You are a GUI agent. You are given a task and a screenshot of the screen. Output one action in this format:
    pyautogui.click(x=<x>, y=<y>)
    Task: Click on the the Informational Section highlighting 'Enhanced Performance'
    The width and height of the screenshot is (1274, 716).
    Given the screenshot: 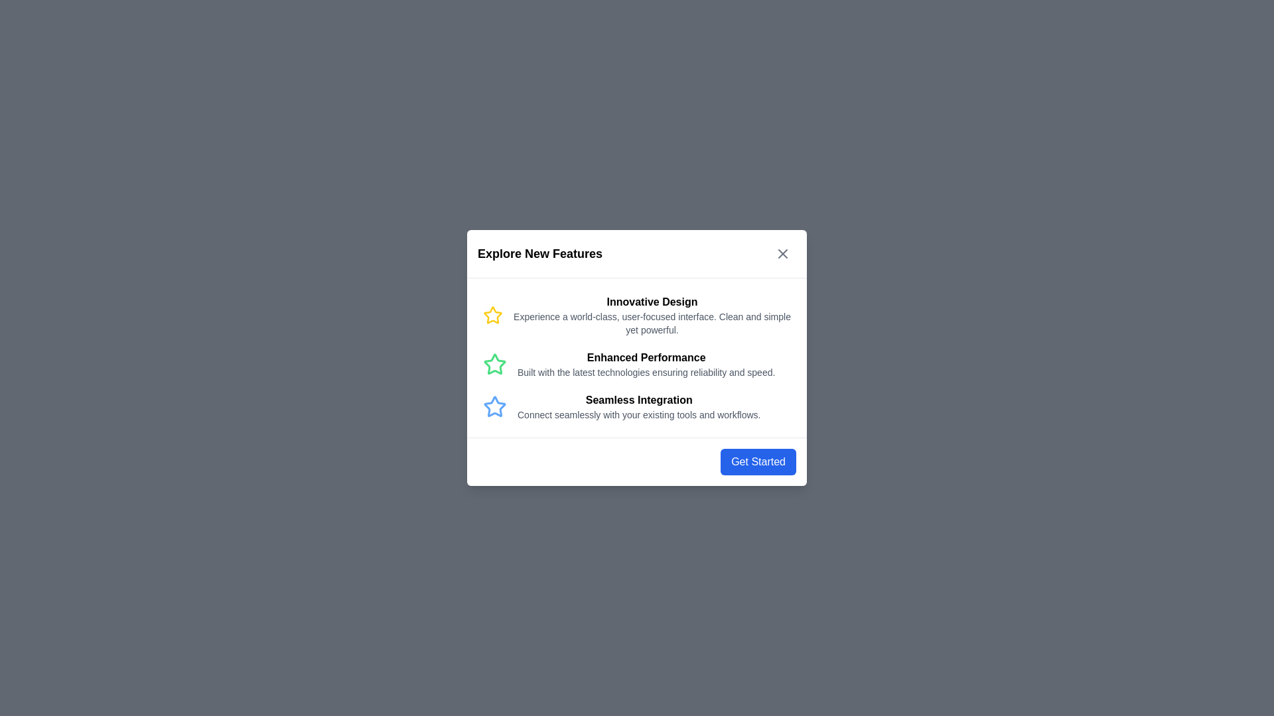 What is the action you would take?
    pyautogui.click(x=637, y=365)
    